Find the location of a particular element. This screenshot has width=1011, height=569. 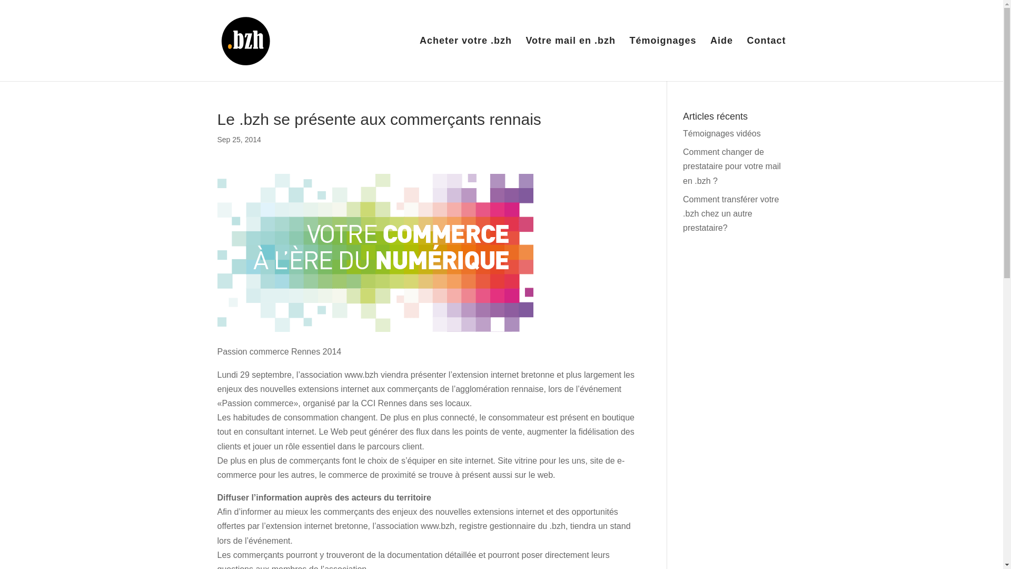

'Acheter votre .bzh' is located at coordinates (465, 58).